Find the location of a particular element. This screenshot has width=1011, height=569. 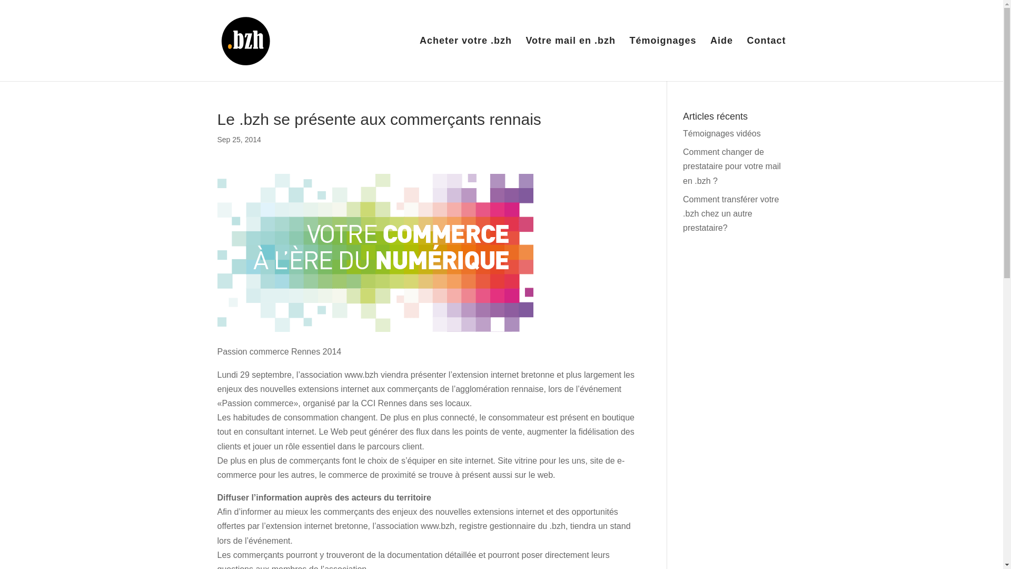

'Acheter votre .bzh' is located at coordinates (465, 58).